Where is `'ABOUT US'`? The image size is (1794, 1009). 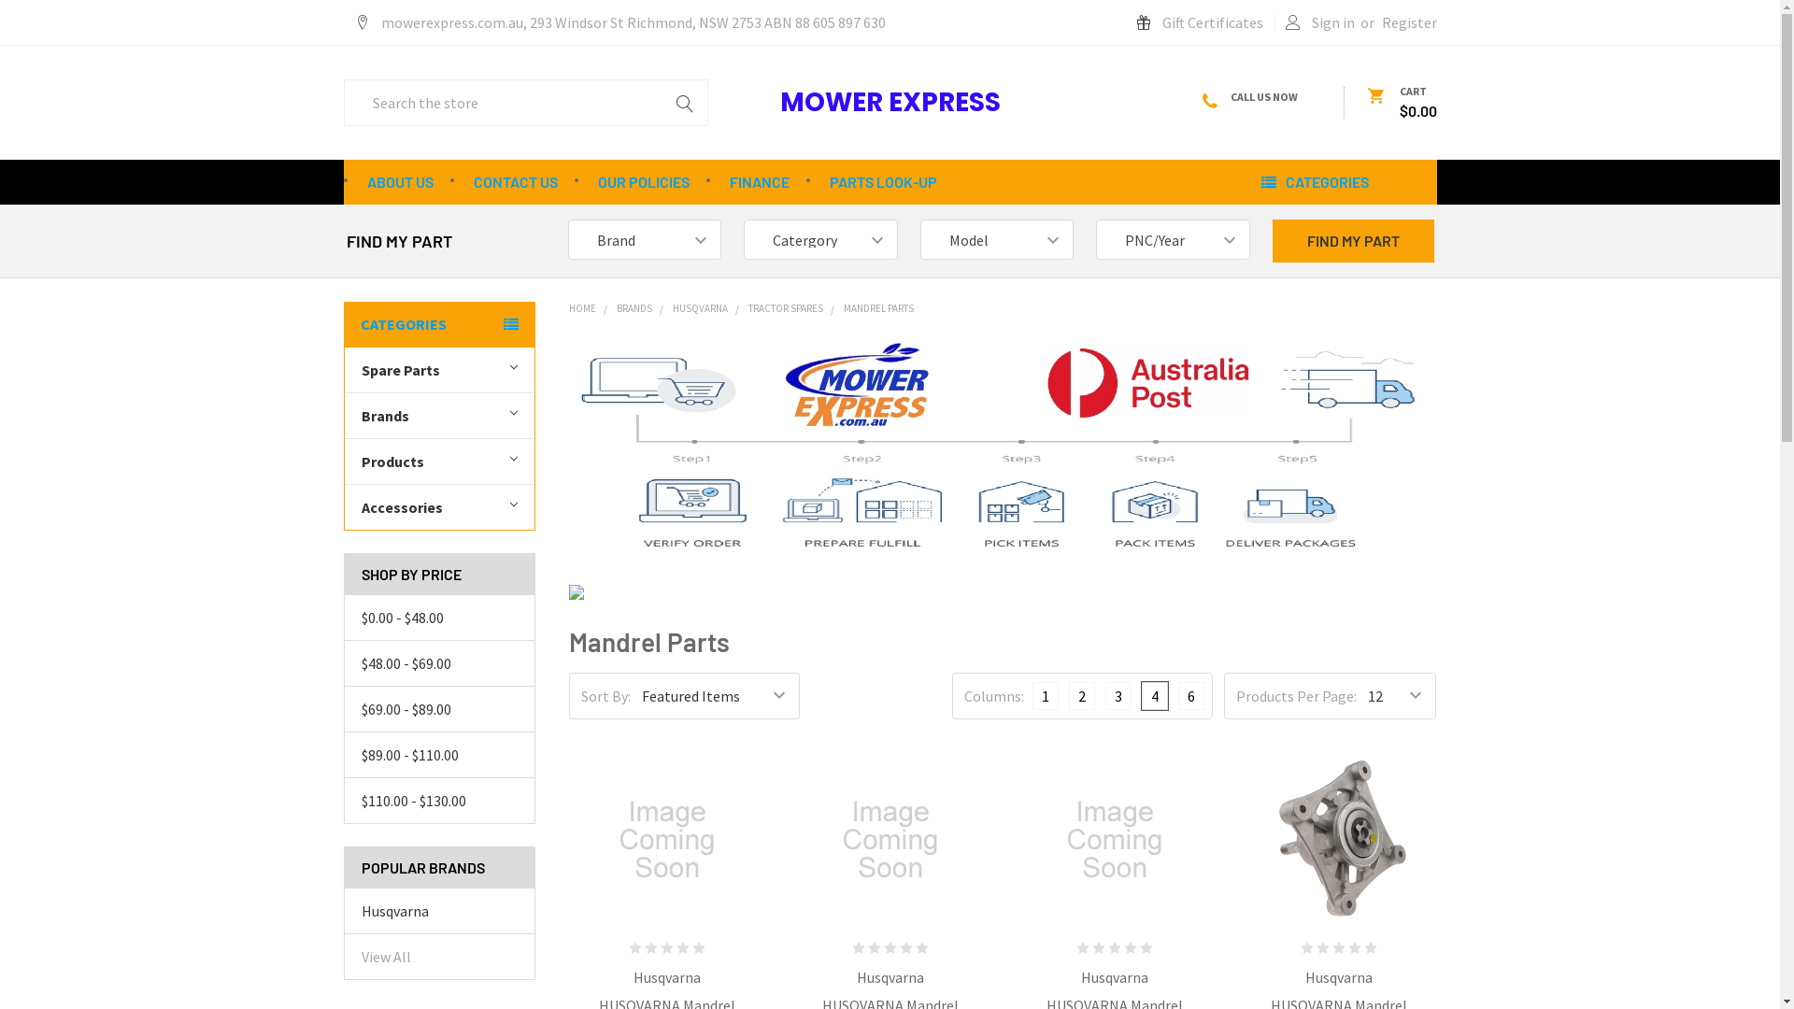
'ABOUT US' is located at coordinates (398, 182).